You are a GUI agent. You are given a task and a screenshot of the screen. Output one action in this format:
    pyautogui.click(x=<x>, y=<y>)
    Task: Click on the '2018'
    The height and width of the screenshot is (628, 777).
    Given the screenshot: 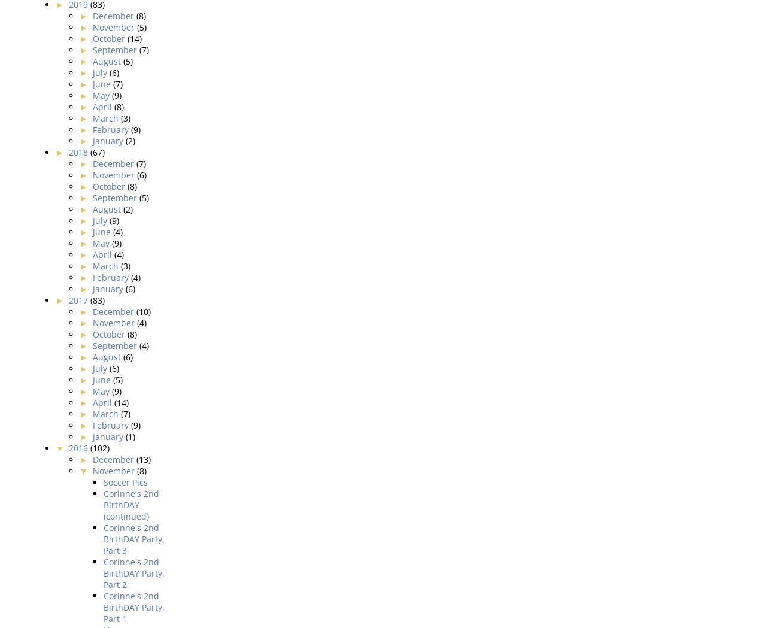 What is the action you would take?
    pyautogui.click(x=78, y=151)
    